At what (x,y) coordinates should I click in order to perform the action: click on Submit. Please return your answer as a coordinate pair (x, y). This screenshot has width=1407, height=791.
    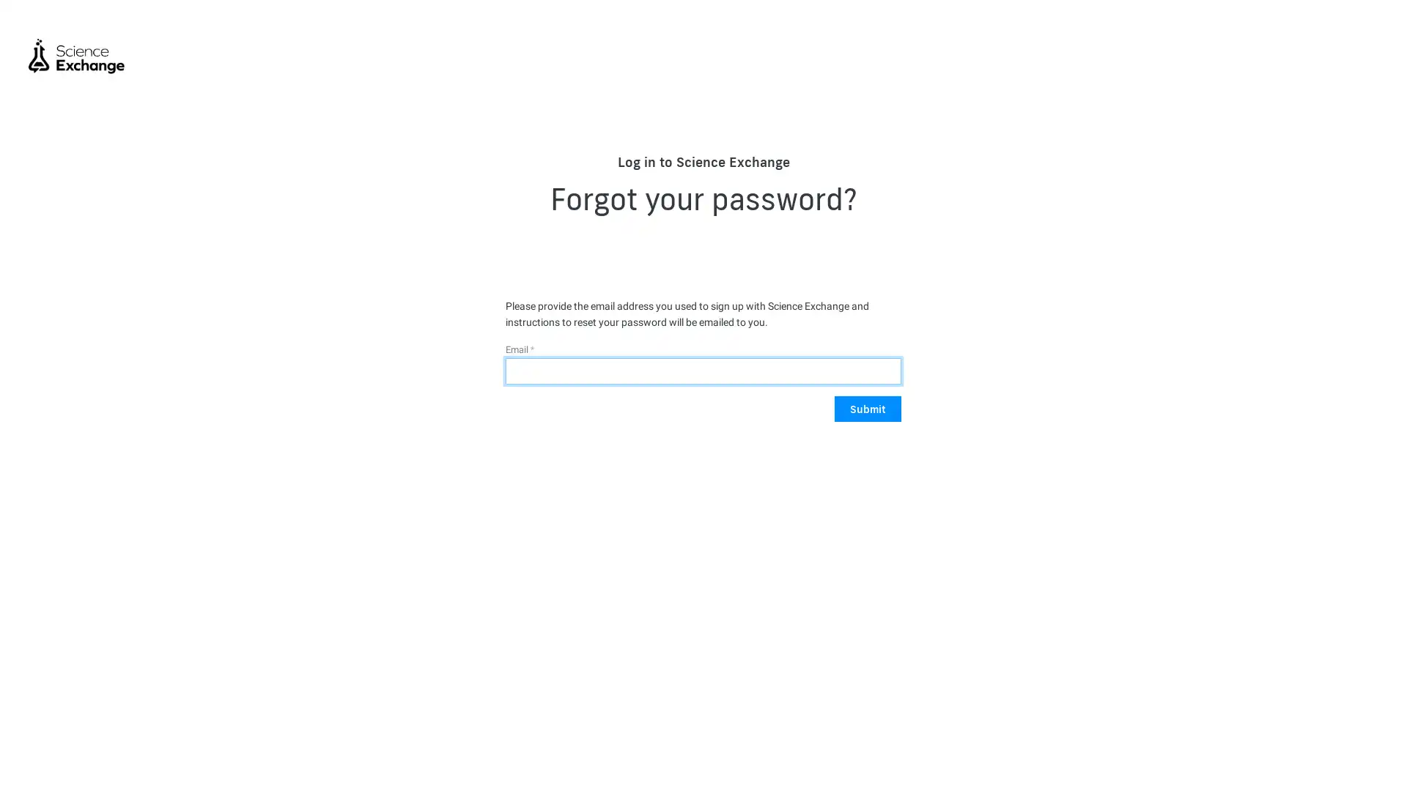
    Looking at the image, I should click on (868, 409).